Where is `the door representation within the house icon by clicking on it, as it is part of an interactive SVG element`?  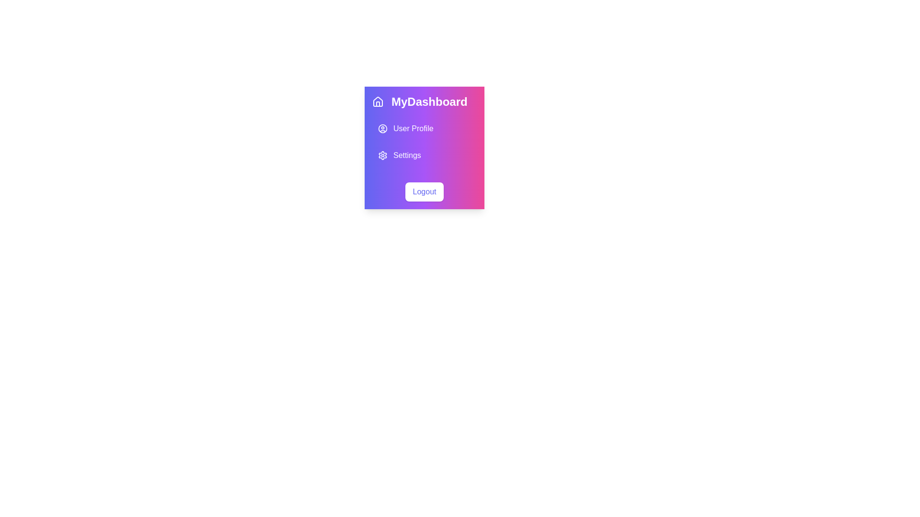 the door representation within the house icon by clicking on it, as it is part of an interactive SVG element is located at coordinates (377, 103).